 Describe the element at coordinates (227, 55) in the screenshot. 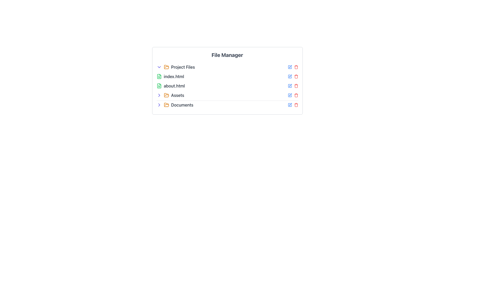

I see `text of the header Text Label at the top of the file manager interface` at that location.